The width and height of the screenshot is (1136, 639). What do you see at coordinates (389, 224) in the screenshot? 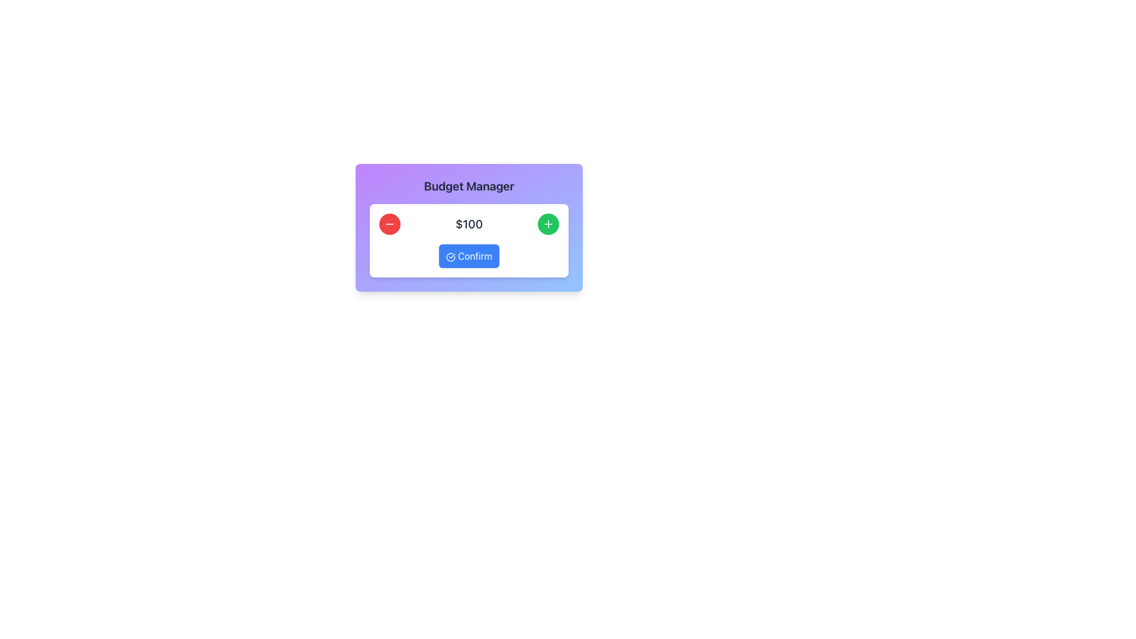
I see `the circular red icon with a minus symbol found within the left-aligned button under the 'Budget Manager' label` at bounding box center [389, 224].